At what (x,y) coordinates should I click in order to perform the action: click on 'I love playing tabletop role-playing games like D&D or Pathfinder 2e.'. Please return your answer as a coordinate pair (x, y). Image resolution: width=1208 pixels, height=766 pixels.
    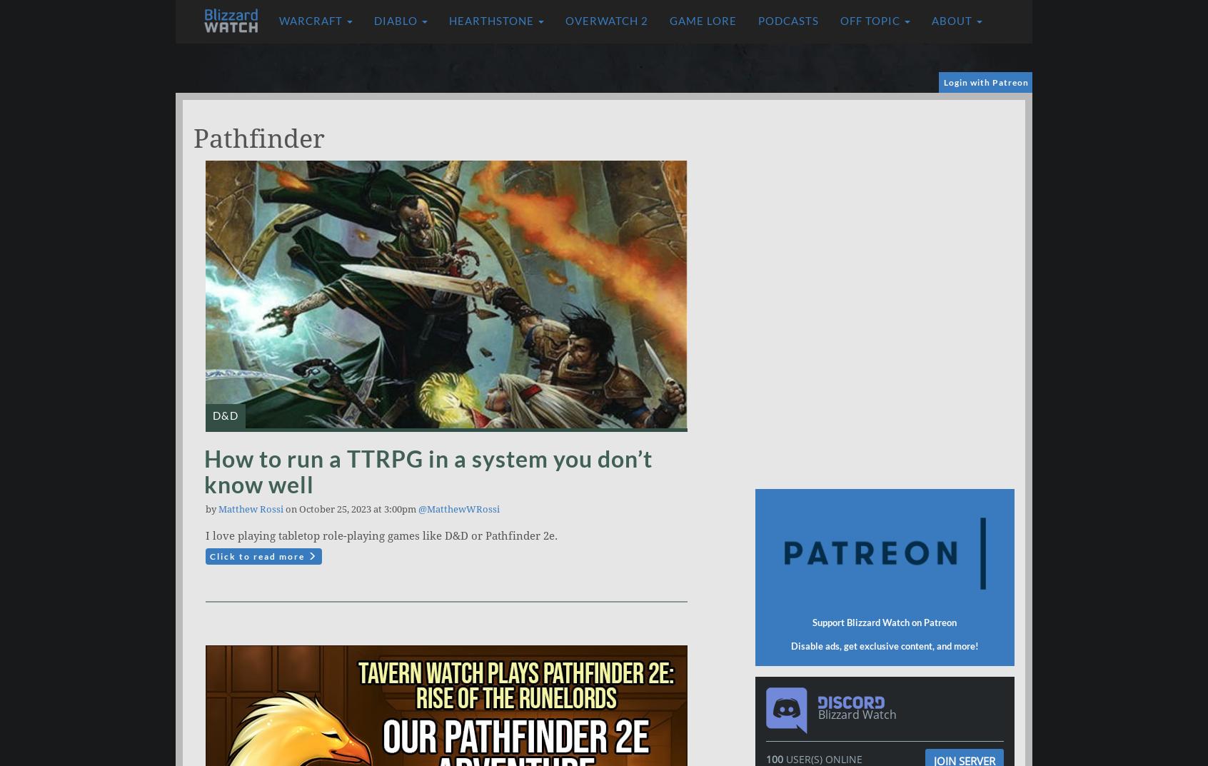
    Looking at the image, I should click on (381, 535).